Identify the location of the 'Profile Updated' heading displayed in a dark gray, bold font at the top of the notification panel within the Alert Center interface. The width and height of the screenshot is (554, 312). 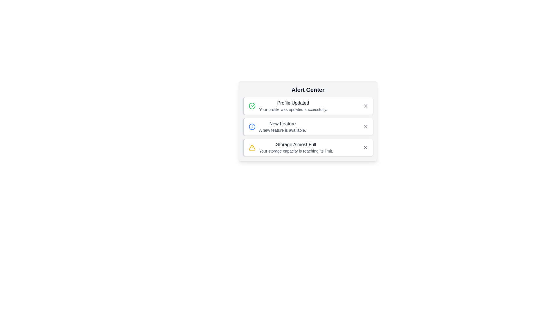
(293, 103).